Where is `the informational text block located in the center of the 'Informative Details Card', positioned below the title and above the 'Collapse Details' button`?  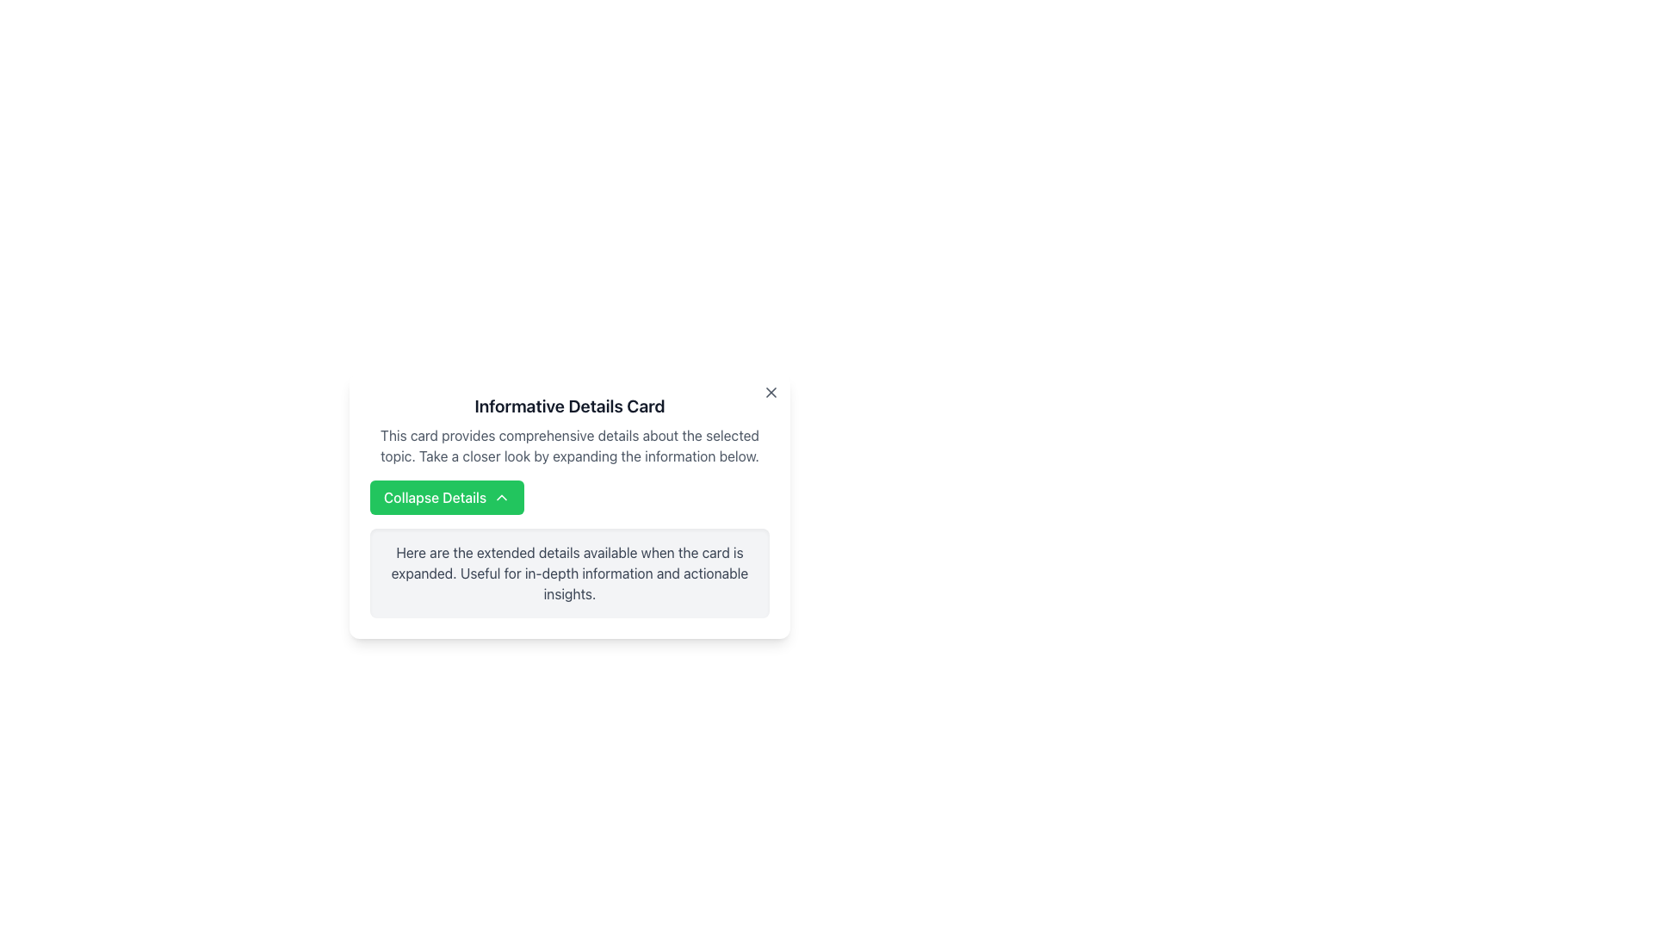 the informational text block located in the center of the 'Informative Details Card', positioned below the title and above the 'Collapse Details' button is located at coordinates (570, 444).